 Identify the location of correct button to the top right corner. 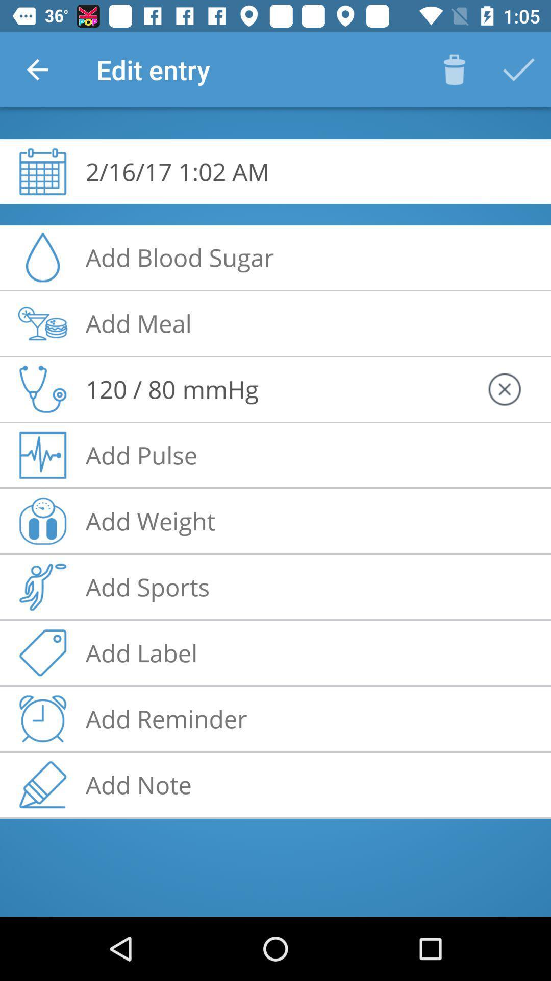
(519, 69).